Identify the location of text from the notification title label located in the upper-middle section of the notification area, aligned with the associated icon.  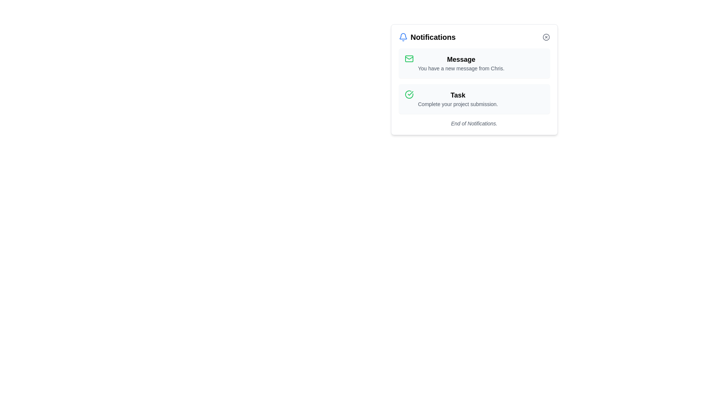
(461, 59).